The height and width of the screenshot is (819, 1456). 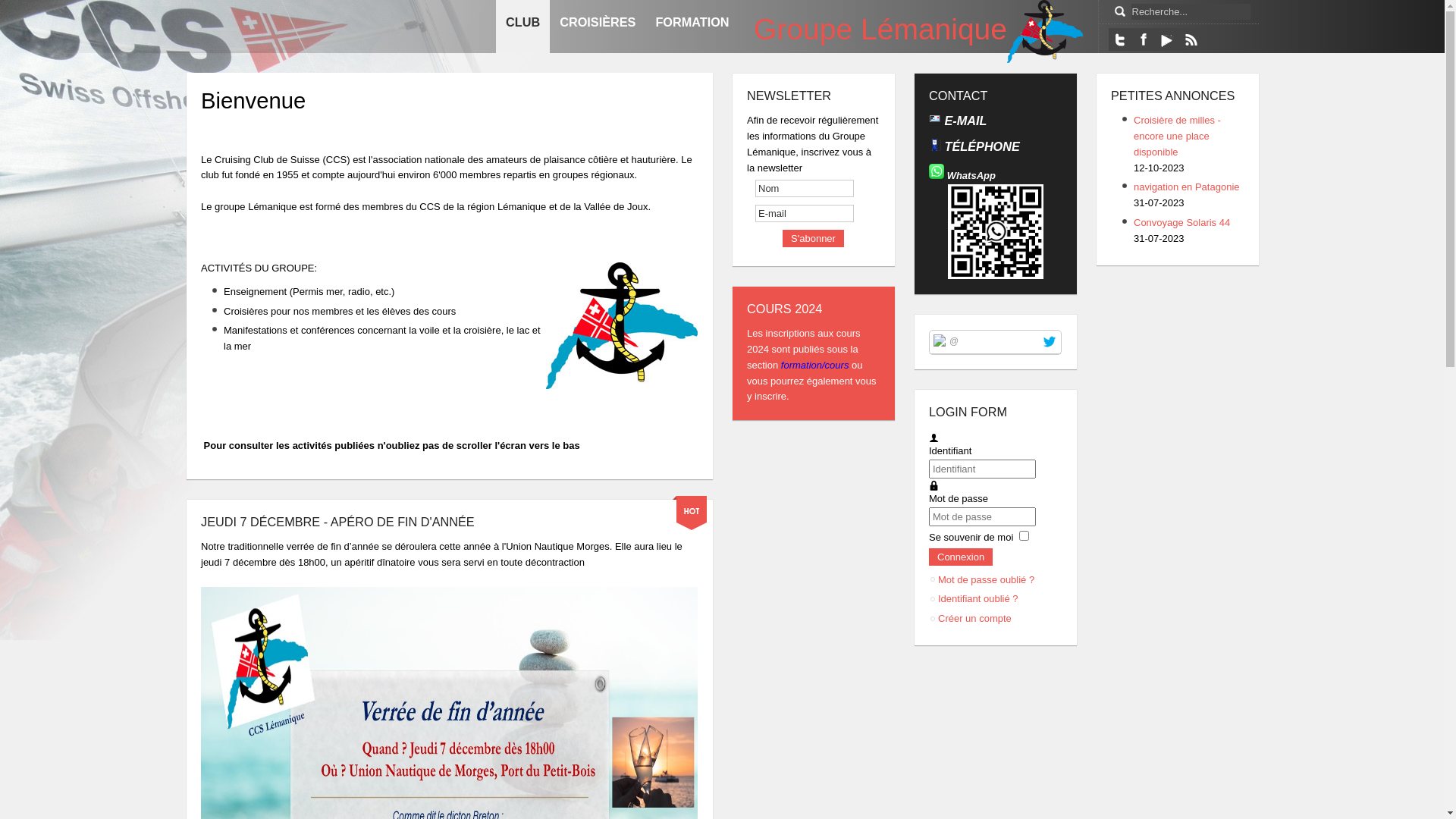 What do you see at coordinates (495, 26) in the screenshot?
I see `'CLUB'` at bounding box center [495, 26].